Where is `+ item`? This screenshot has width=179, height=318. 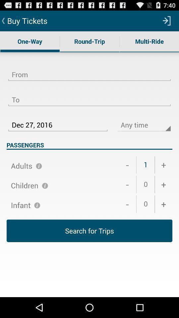 + item is located at coordinates (163, 185).